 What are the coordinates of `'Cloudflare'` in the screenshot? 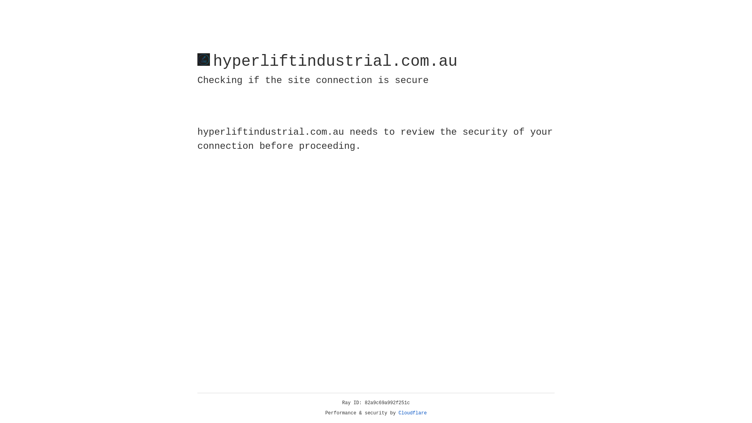 It's located at (398, 413).